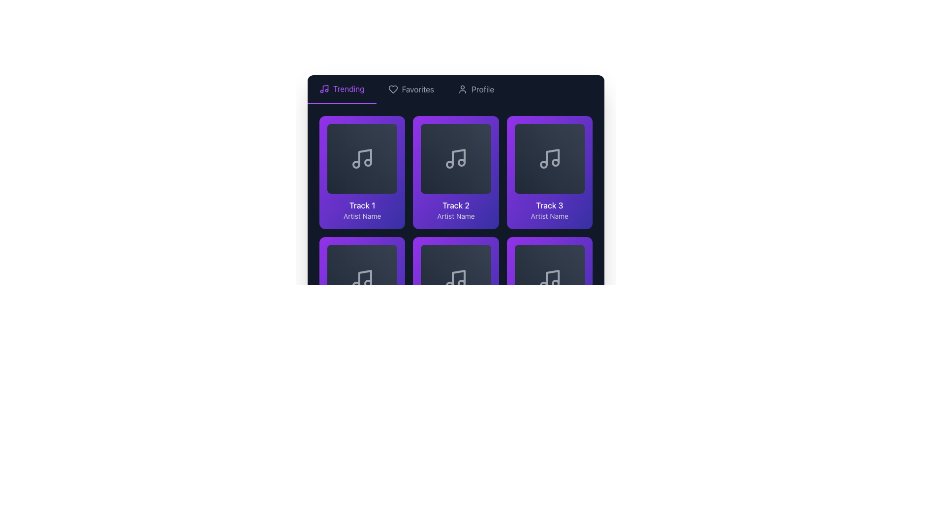 This screenshot has height=531, width=945. I want to click on the text label displaying the artist's name for 'Track 1' in the 'Trending' tab, located below the title 'Track 1', so click(362, 216).